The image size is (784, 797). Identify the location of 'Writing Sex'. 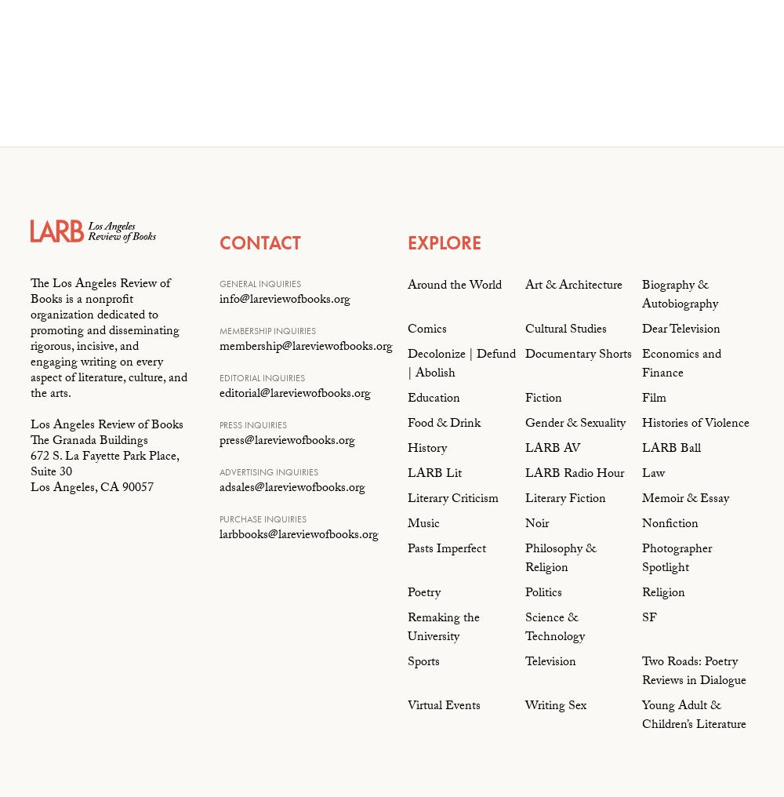
(554, 706).